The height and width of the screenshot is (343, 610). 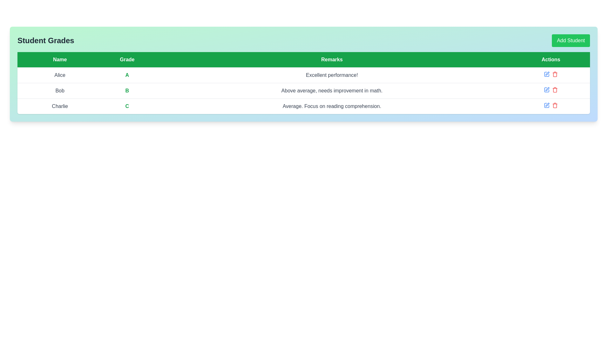 I want to click on the trash can icon located in the 'Actions' column, which is the second icon from the right, so click(x=555, y=74).